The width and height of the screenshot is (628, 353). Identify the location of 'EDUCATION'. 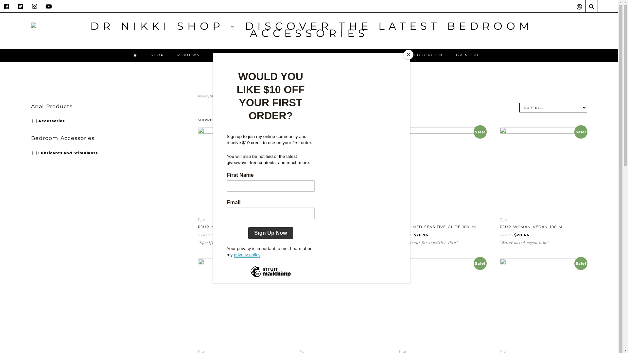
(428, 51).